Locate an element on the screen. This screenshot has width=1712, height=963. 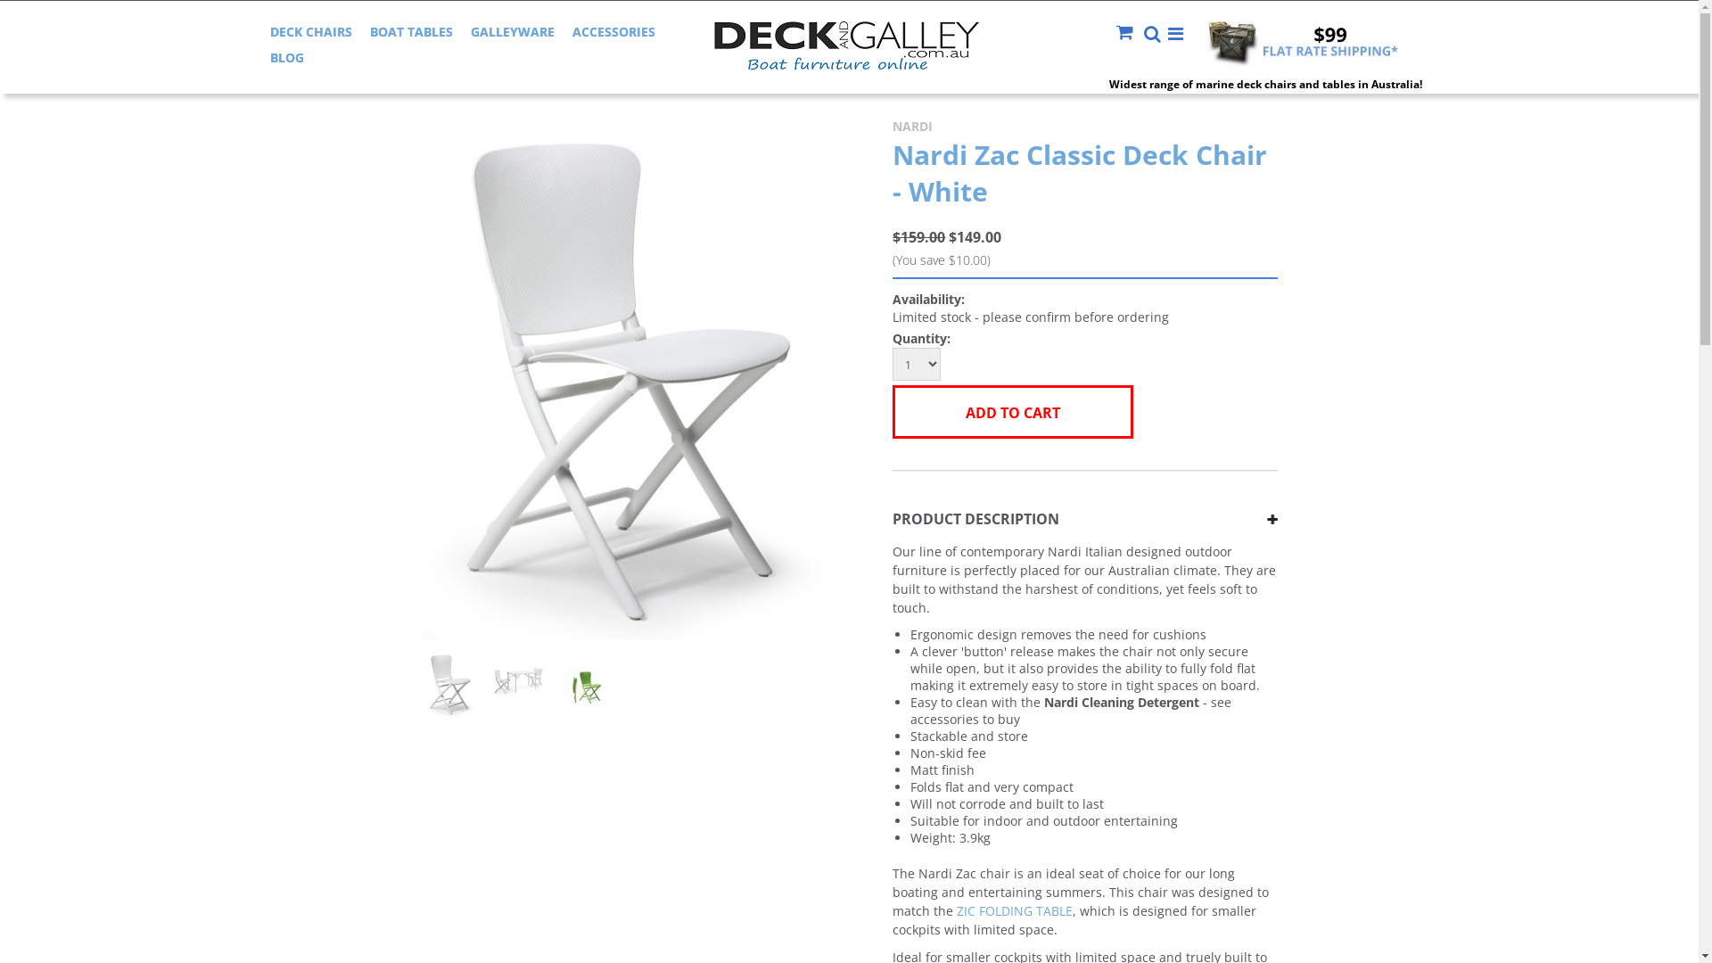
'0' is located at coordinates (449, 687).